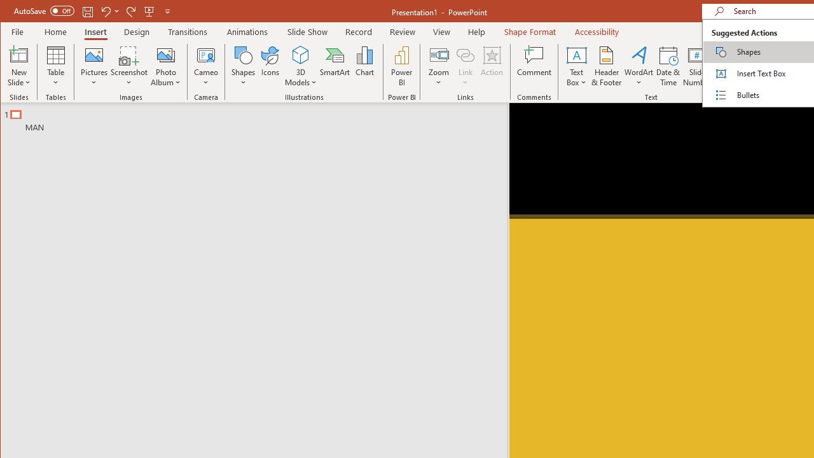  What do you see at coordinates (534, 66) in the screenshot?
I see `'Comment'` at bounding box center [534, 66].